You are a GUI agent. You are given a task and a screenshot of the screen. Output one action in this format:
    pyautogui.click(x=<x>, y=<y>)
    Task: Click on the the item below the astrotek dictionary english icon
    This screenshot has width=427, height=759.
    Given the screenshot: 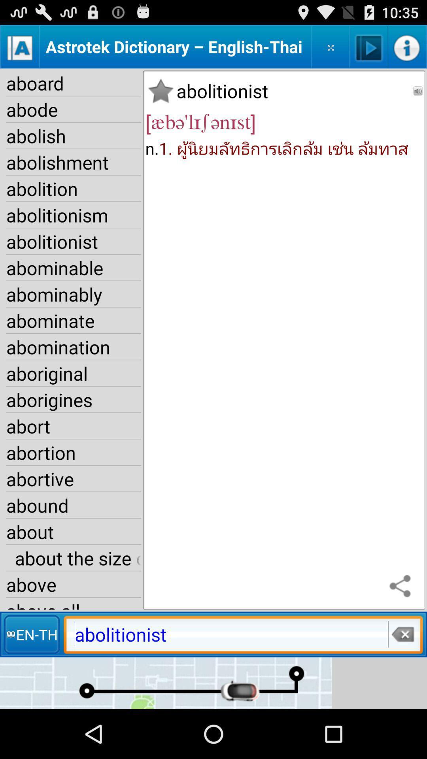 What is the action you would take?
    pyautogui.click(x=160, y=91)
    